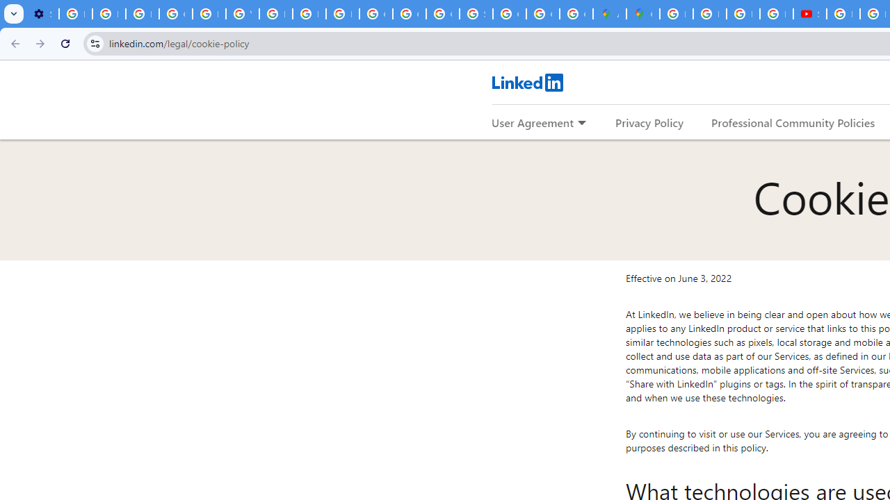  What do you see at coordinates (532, 122) in the screenshot?
I see `'User Agreement'` at bounding box center [532, 122].